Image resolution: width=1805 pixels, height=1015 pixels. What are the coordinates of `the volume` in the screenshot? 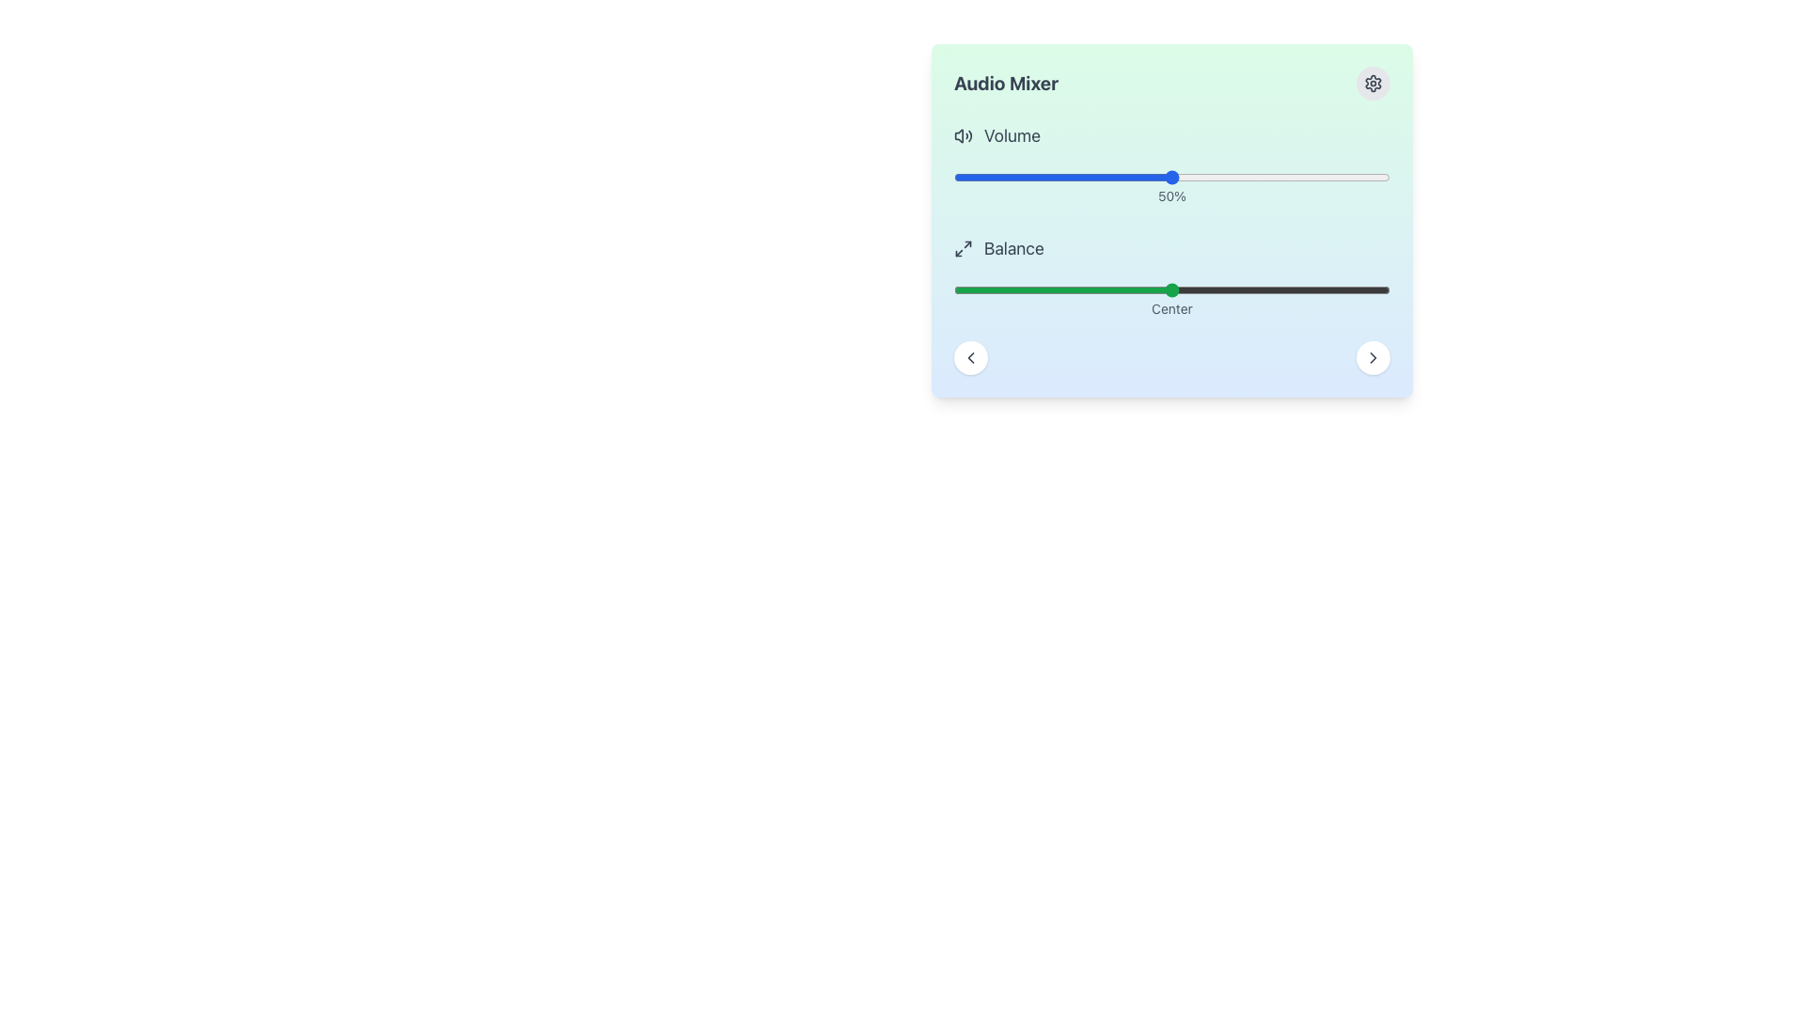 It's located at (958, 178).